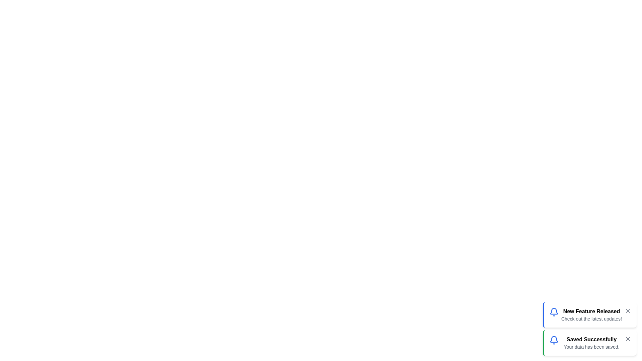 Image resolution: width=642 pixels, height=361 pixels. Describe the element at coordinates (592, 318) in the screenshot. I see `the text label displaying 'Check out the latest updates!', which is styled in gray and positioned below the header 'New Feature Released'` at that location.